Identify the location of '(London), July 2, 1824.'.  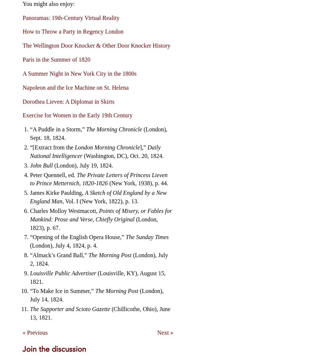
(98, 259).